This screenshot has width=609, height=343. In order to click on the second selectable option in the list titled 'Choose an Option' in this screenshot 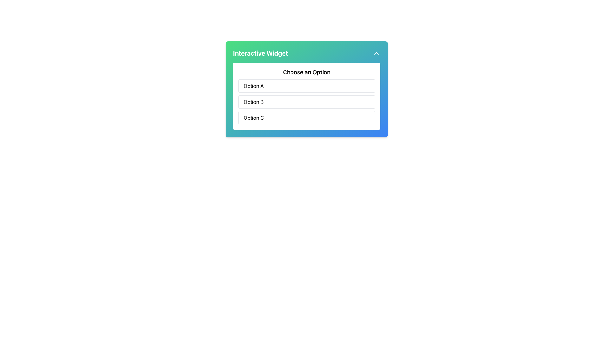, I will do `click(306, 101)`.